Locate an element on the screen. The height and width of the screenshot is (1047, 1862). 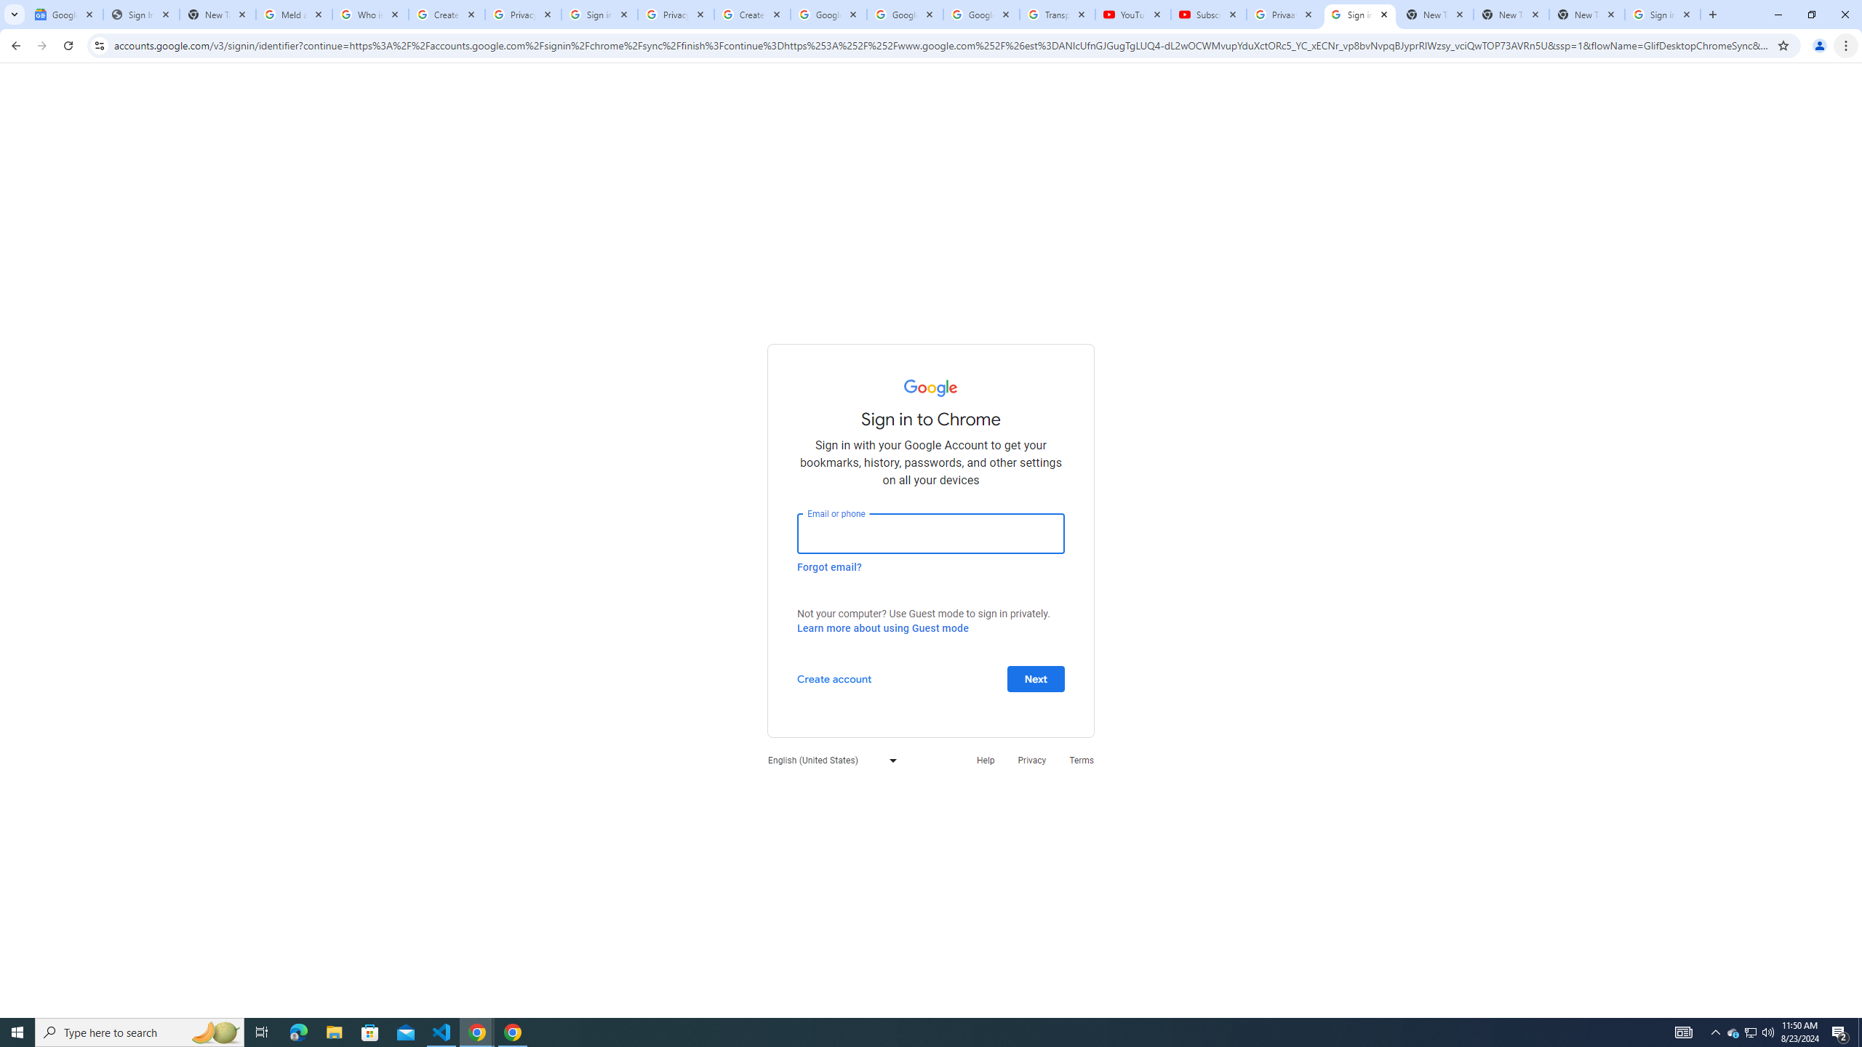
'Email or phone' is located at coordinates (931, 532).